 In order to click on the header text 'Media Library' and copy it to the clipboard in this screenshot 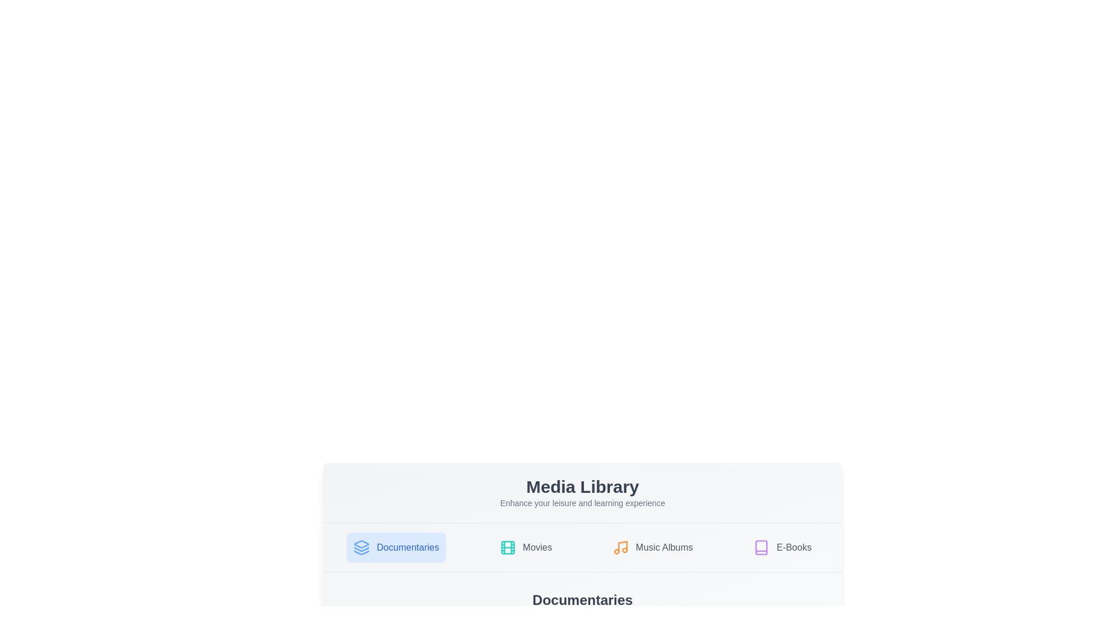, I will do `click(583, 487)`.